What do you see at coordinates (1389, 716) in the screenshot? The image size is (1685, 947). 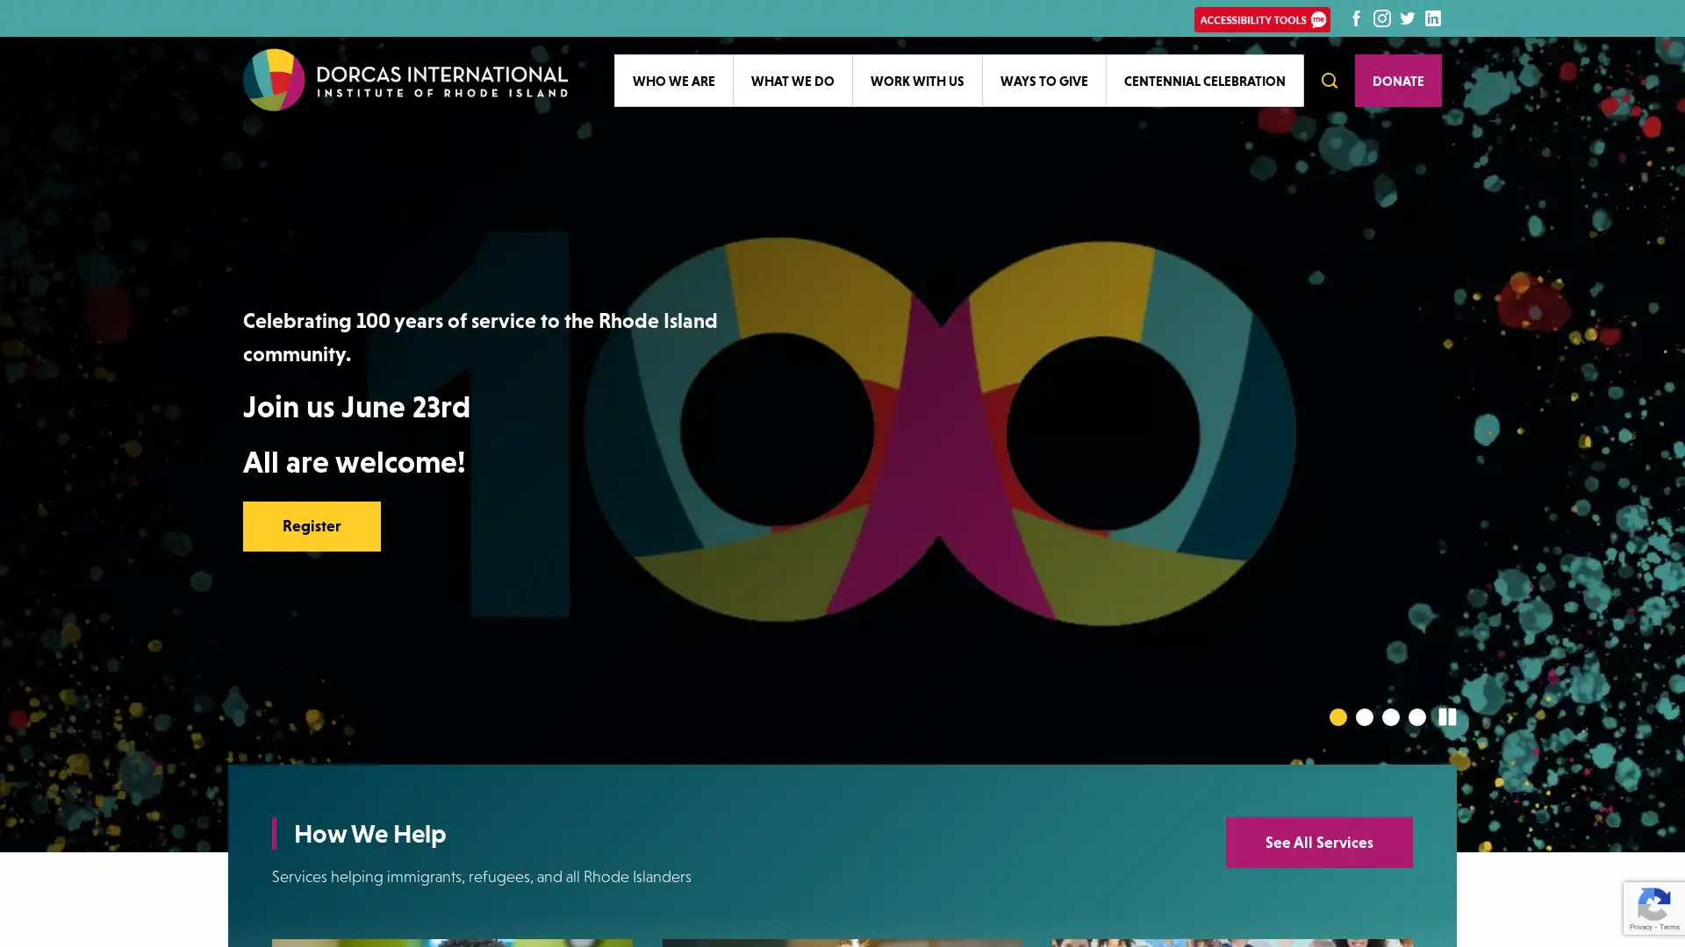 I see `Go to slide 3` at bounding box center [1389, 716].